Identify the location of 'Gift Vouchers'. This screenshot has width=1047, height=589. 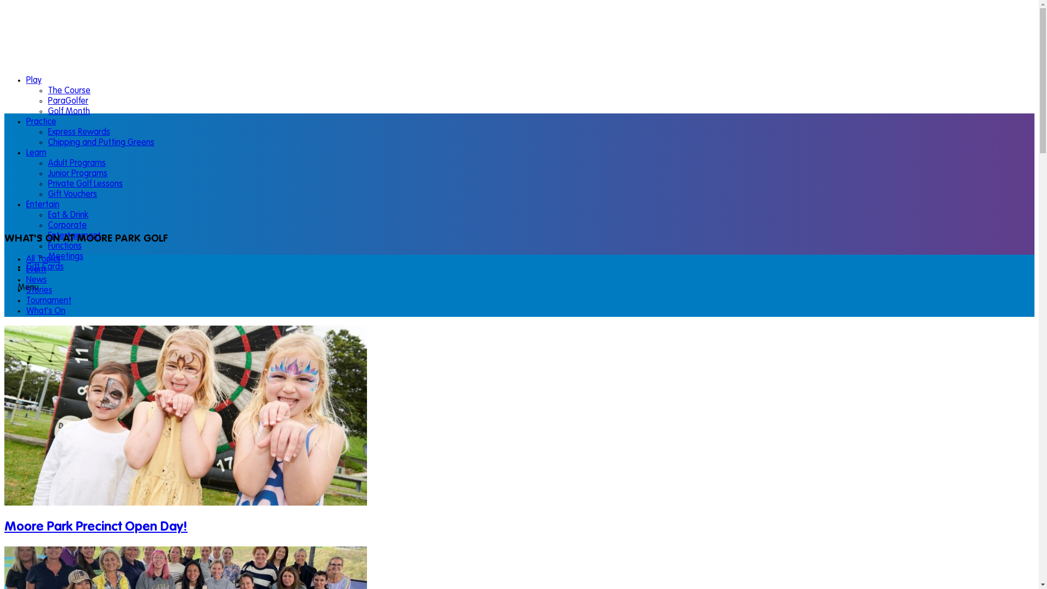
(72, 194).